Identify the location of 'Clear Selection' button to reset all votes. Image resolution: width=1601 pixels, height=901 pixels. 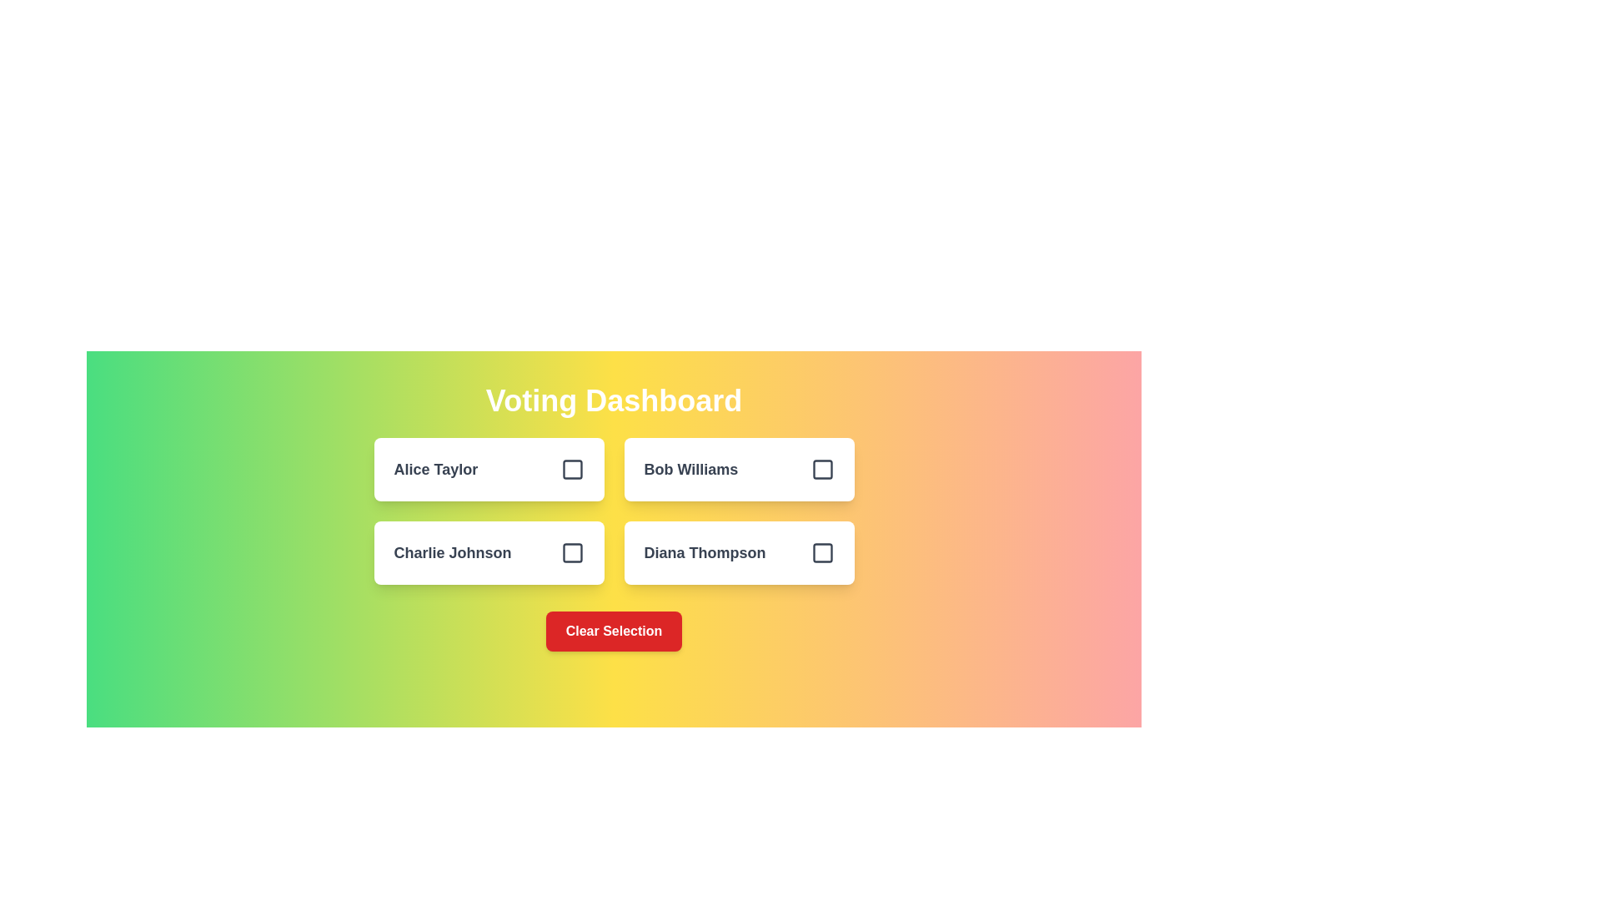
(613, 631).